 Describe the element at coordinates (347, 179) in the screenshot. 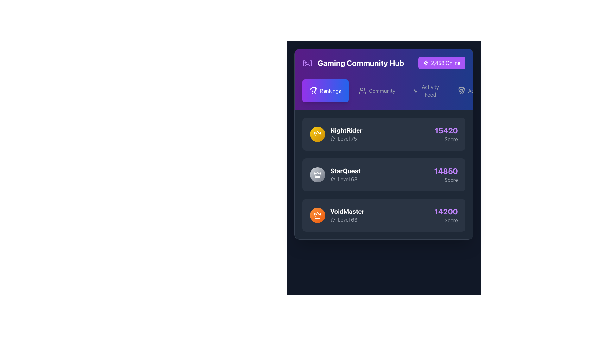

I see `the text label displaying 'Level 68' which is part of a ranked list layout, located below the username 'StarQuest' and next to a star icon` at that location.